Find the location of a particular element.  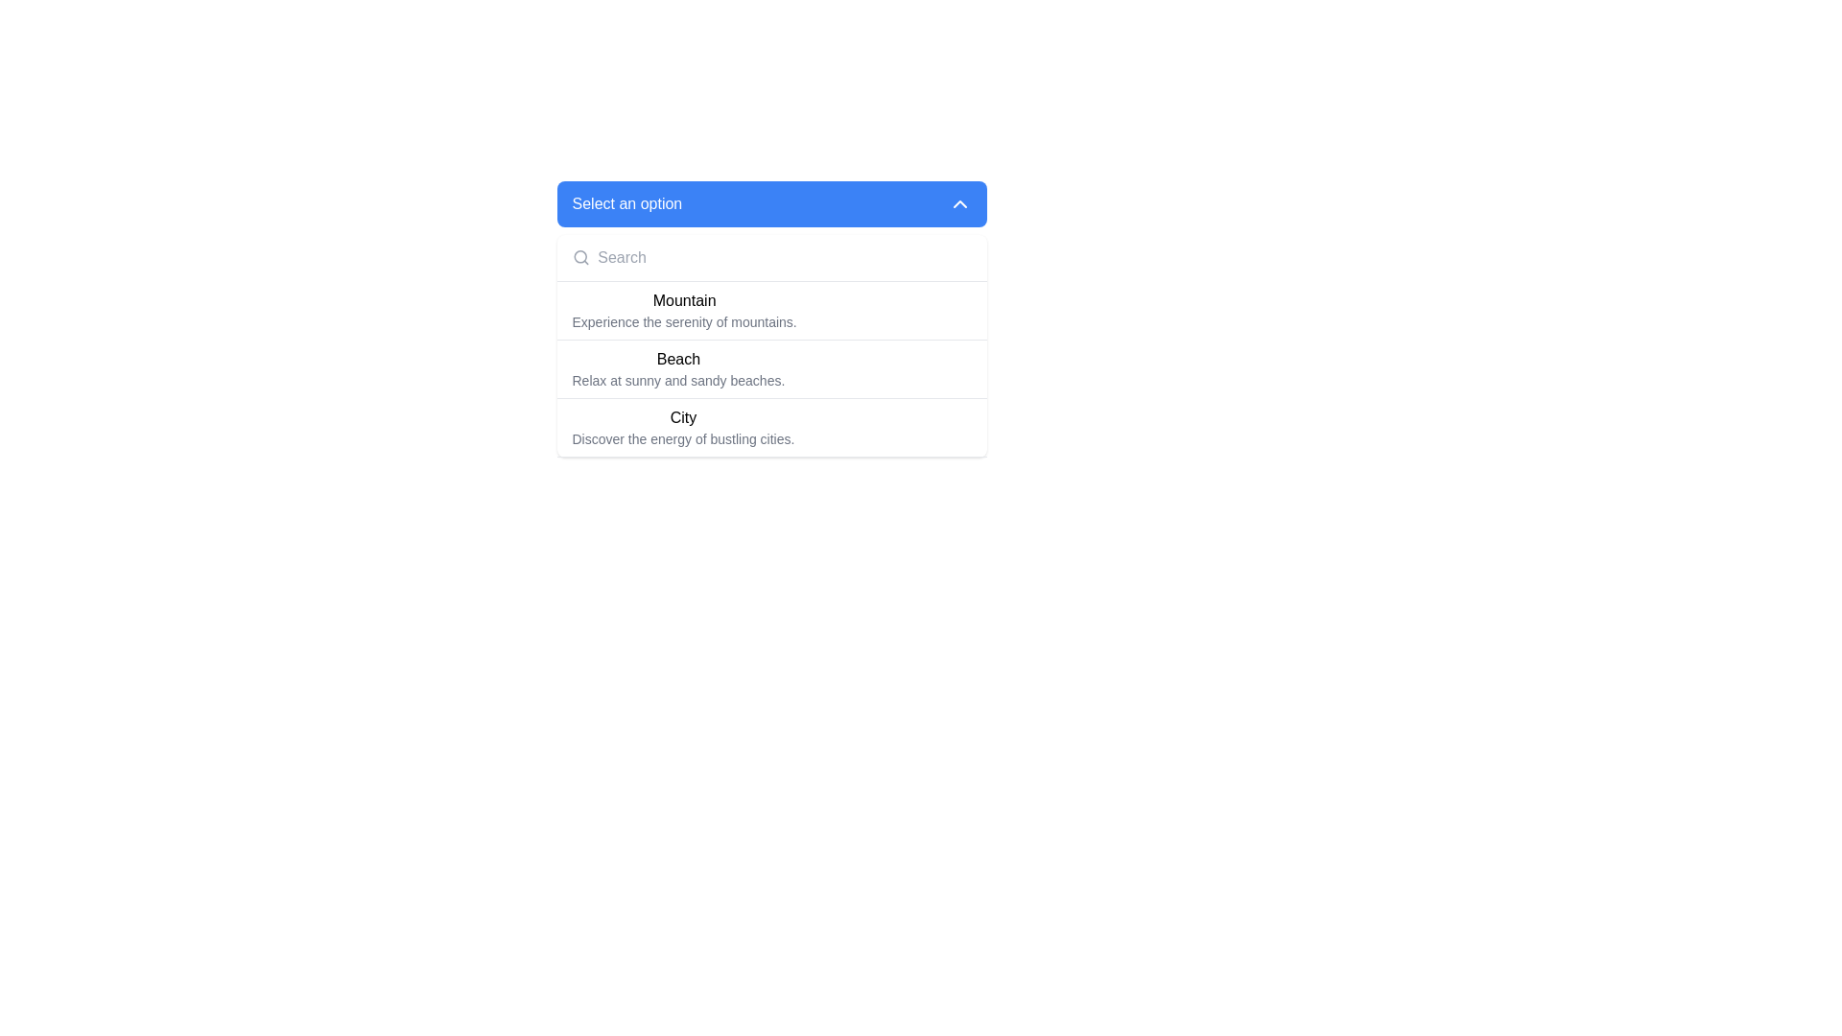

the text block that contains a bold 'Beach' heading and a smaller gray subtitle 'Relax at sunny and sandy beaches', which is centered in a white rectangular area within the dropdown box titled 'Select an option' is located at coordinates (678, 369).